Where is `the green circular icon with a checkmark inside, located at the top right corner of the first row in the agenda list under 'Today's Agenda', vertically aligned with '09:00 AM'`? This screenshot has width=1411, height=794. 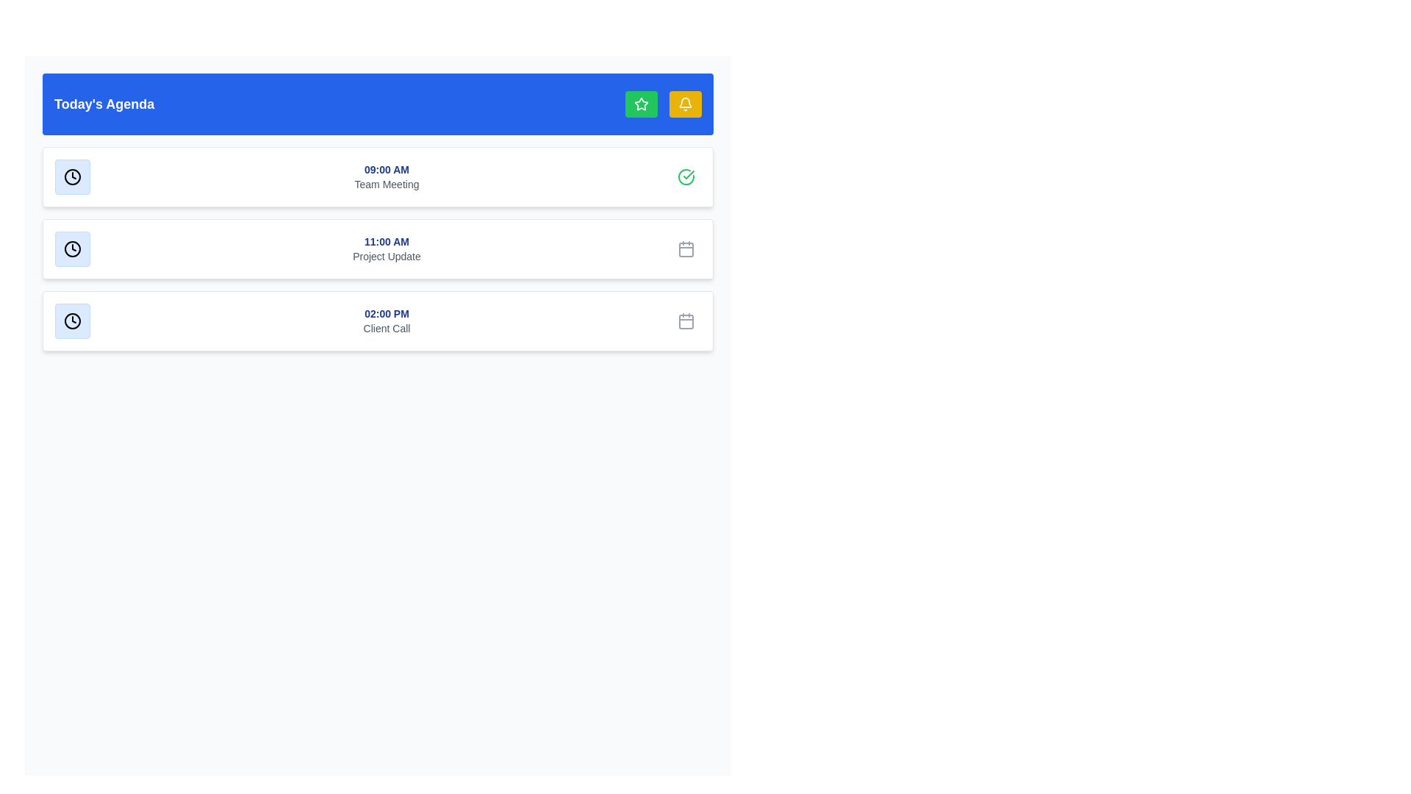
the green circular icon with a checkmark inside, located at the top right corner of the first row in the agenda list under 'Today's Agenda', vertically aligned with '09:00 AM' is located at coordinates (686, 176).